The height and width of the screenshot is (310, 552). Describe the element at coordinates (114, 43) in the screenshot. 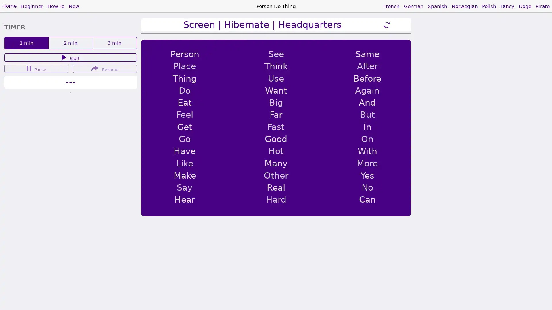

I see `3 min` at that location.